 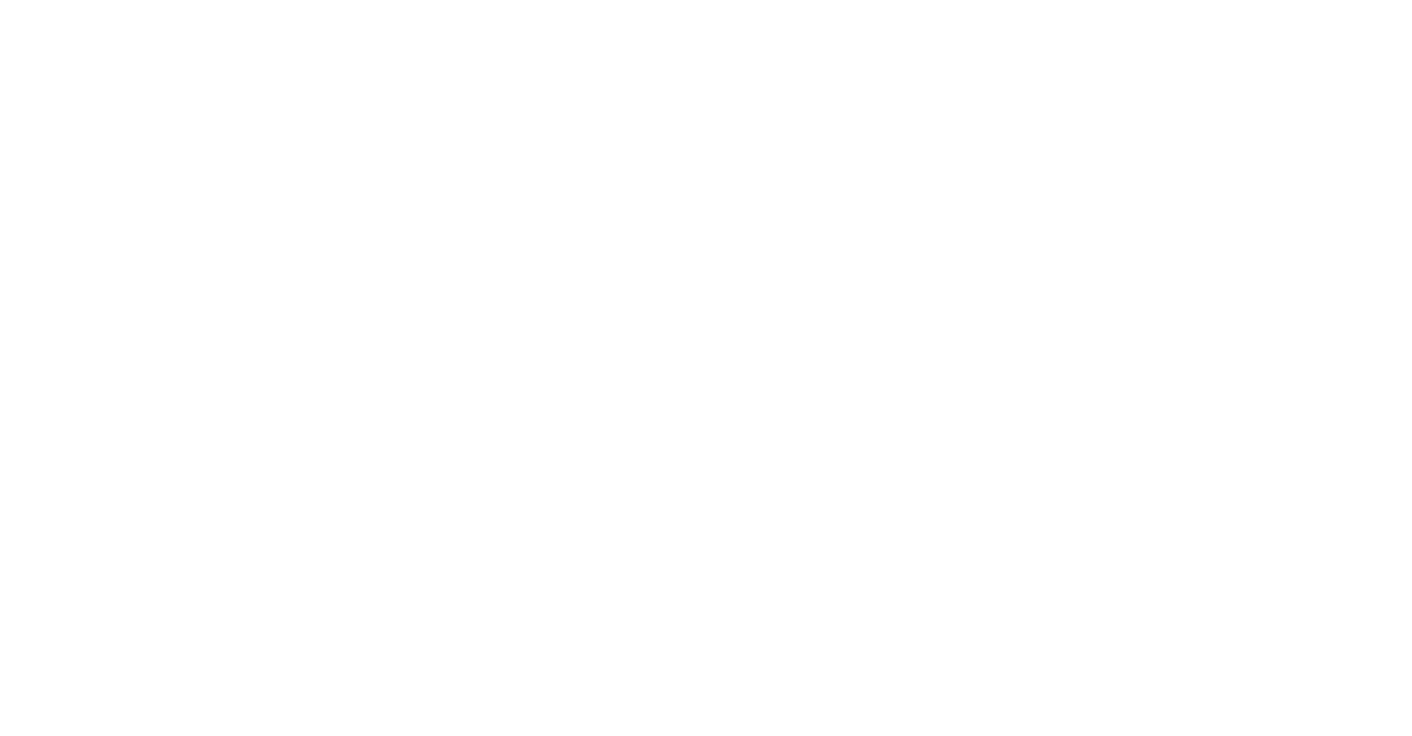 I want to click on 'seine Position in globalen Wertschöpfungsketten durch Spitzenleistungen zu festigen und auszubauen,', so click(x=37, y=556).